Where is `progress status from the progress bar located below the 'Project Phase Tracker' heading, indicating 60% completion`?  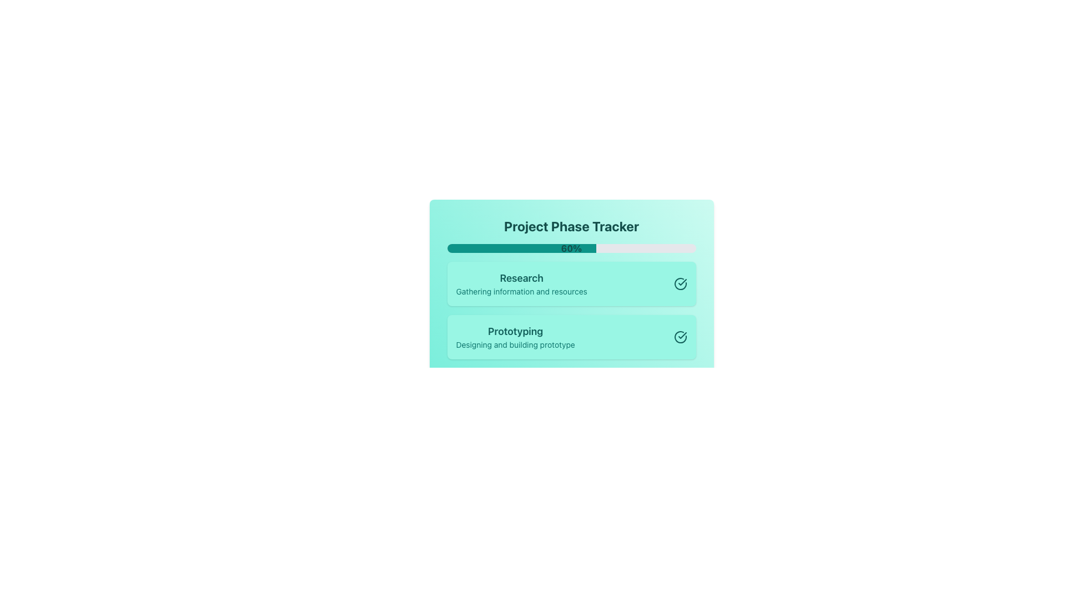 progress status from the progress bar located below the 'Project Phase Tracker' heading, indicating 60% completion is located at coordinates (571, 247).